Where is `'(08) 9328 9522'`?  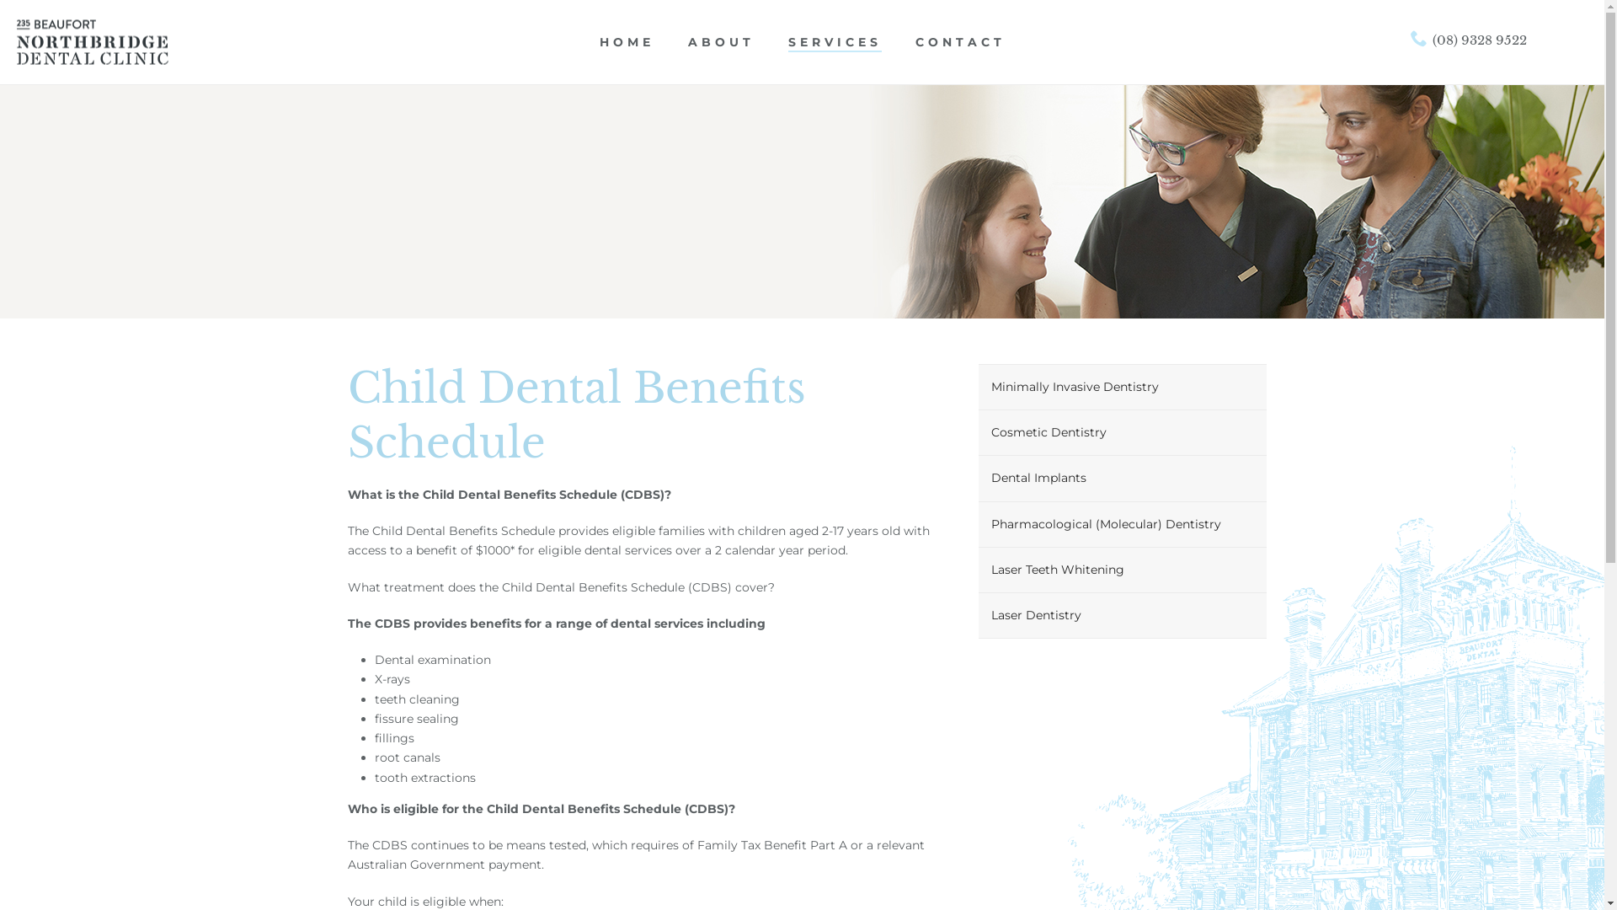 '(08) 9328 9522' is located at coordinates (1467, 40).